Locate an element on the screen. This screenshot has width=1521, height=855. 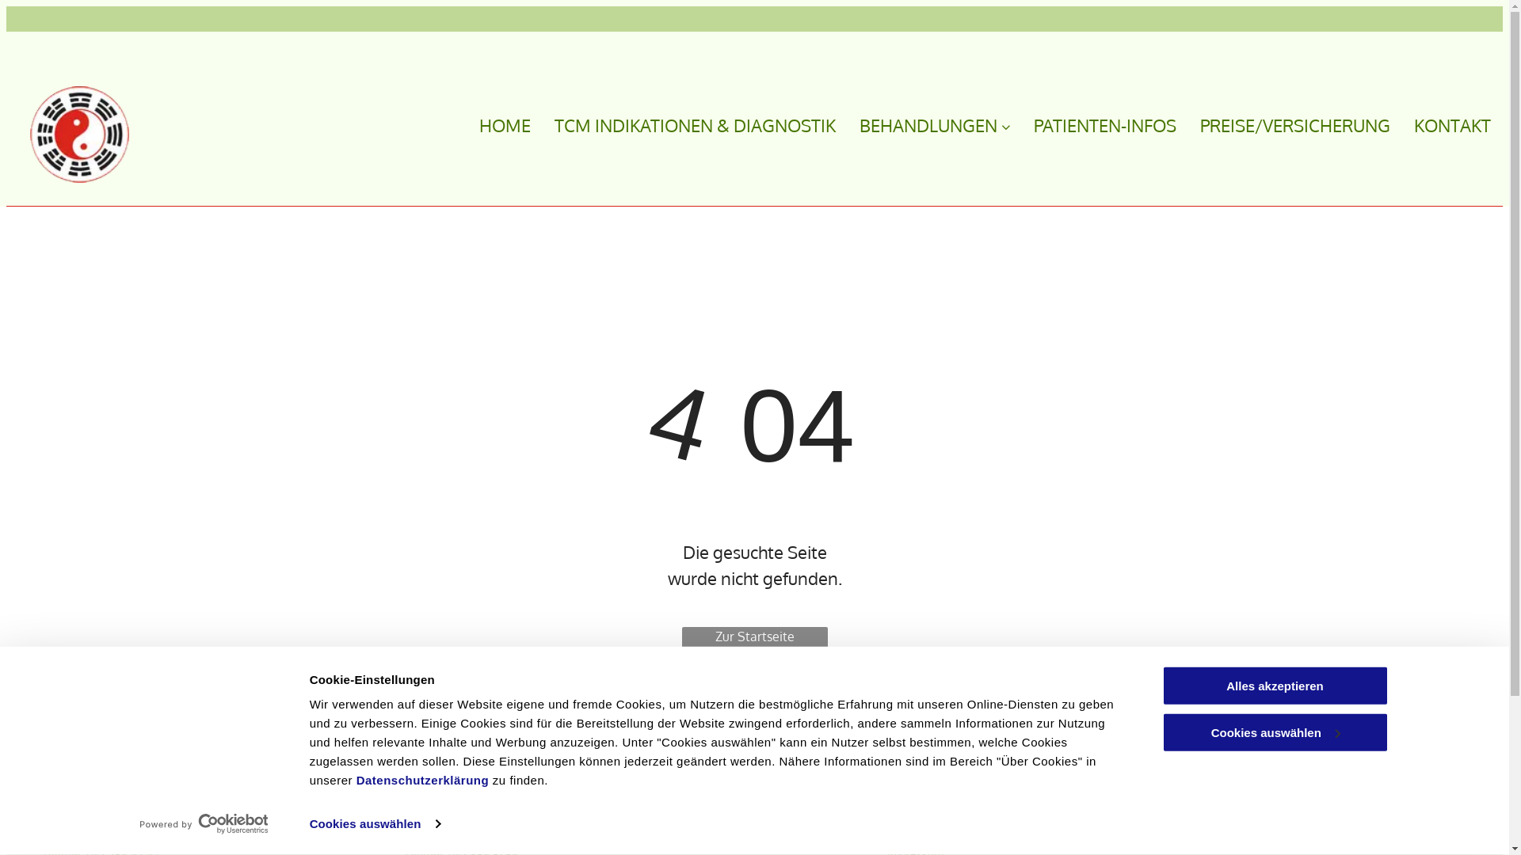
'KONTAKT' is located at coordinates (1440, 124).